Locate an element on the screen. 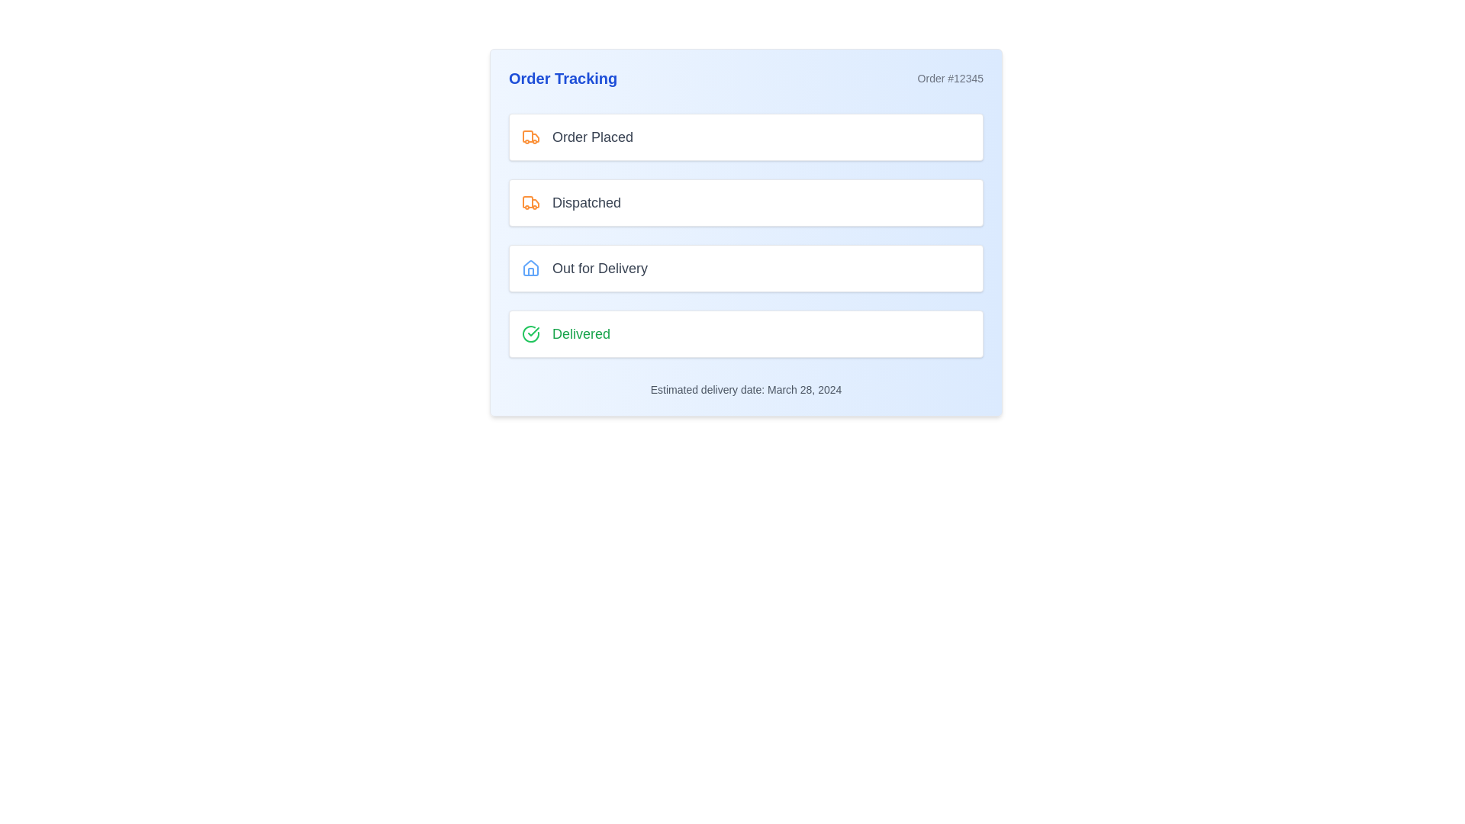 The height and width of the screenshot is (824, 1465). the 'Delivered' text label indicating the completion status of a tracked order, located in the fourth row of the tracking interface, to the right of the delivery icon is located at coordinates (581, 333).